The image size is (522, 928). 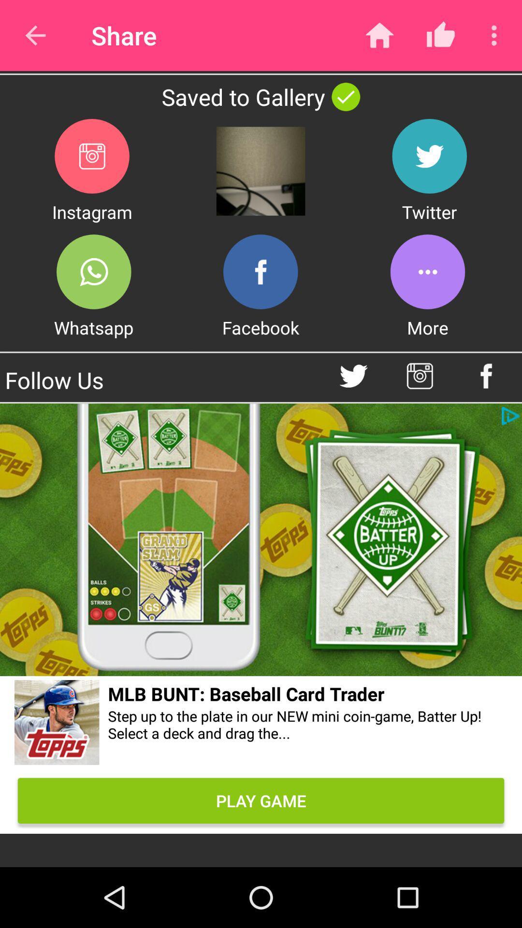 What do you see at coordinates (260, 271) in the screenshot?
I see `share on facebook` at bounding box center [260, 271].